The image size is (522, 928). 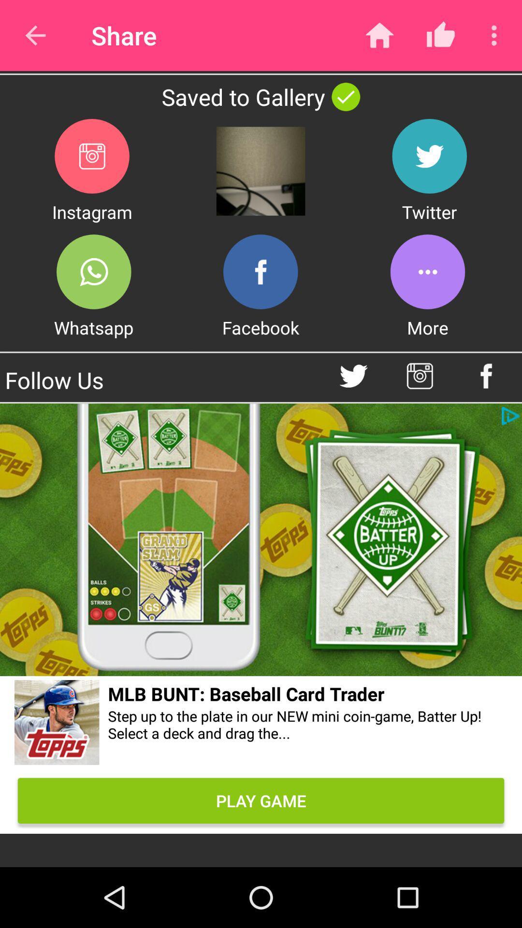 What do you see at coordinates (260, 271) in the screenshot?
I see `share on facebook` at bounding box center [260, 271].